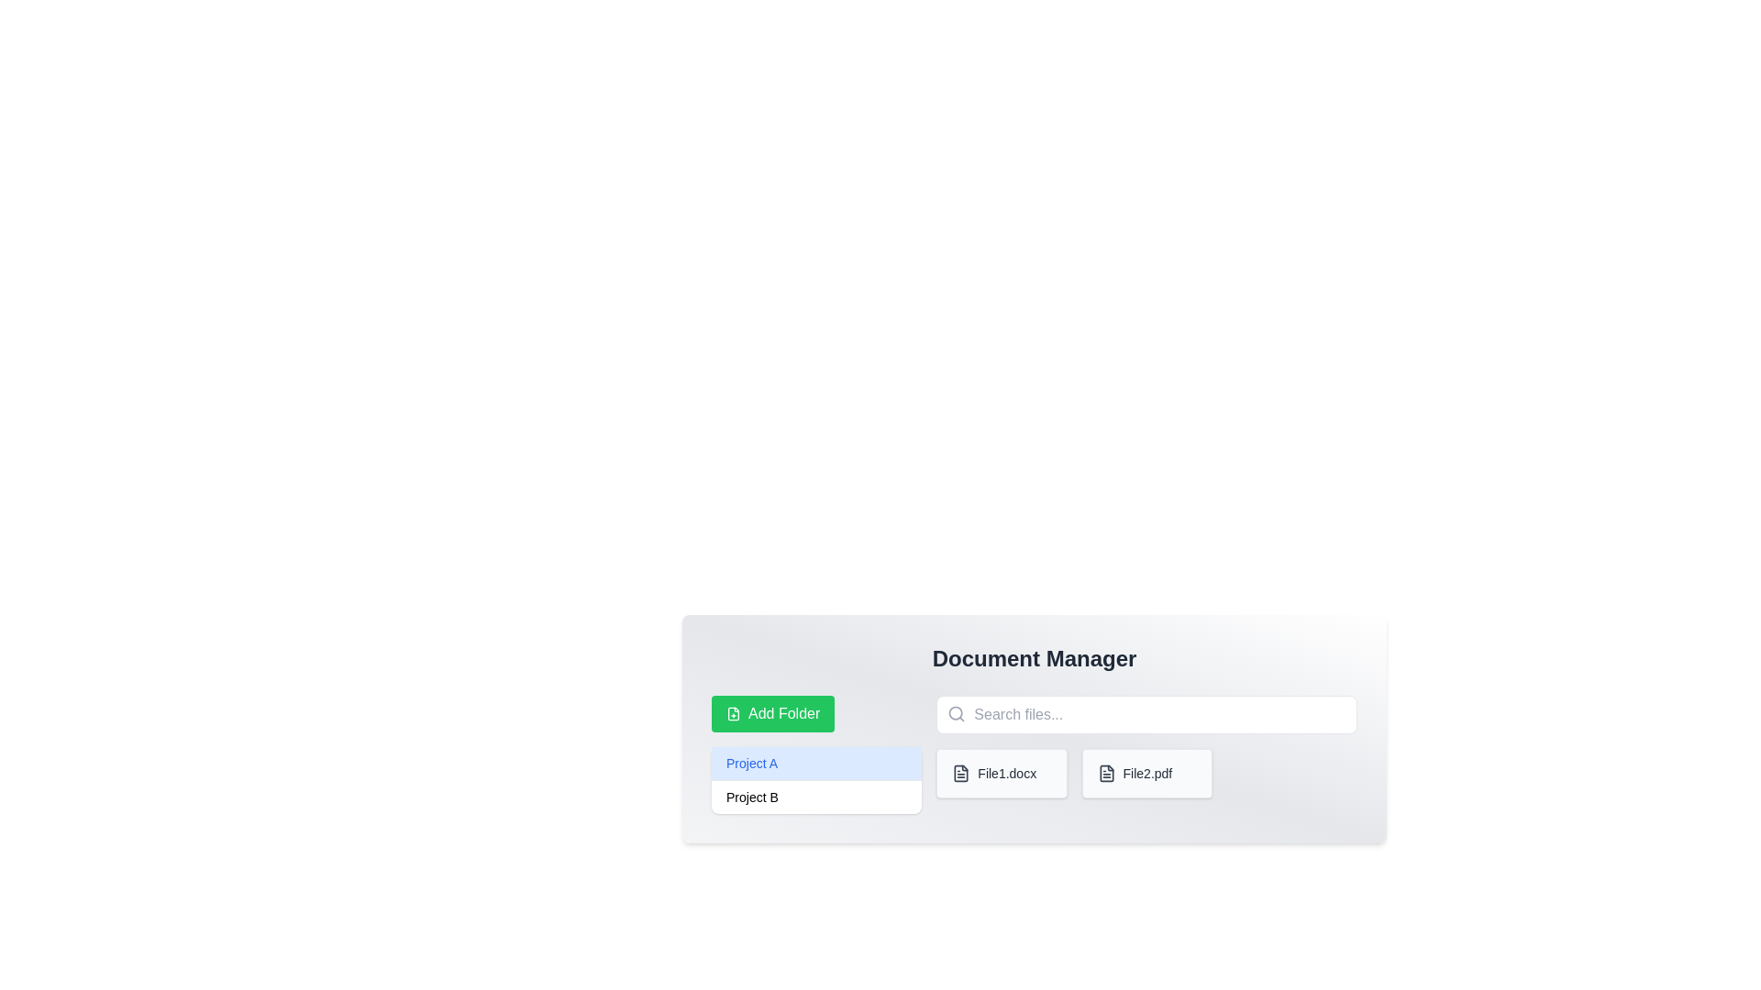 This screenshot has width=1761, height=990. Describe the element at coordinates (1105, 774) in the screenshot. I see `the visual styling of the document icon located on the left side of the 'File2.pdf' label, which represents the type of document being indicated` at that location.